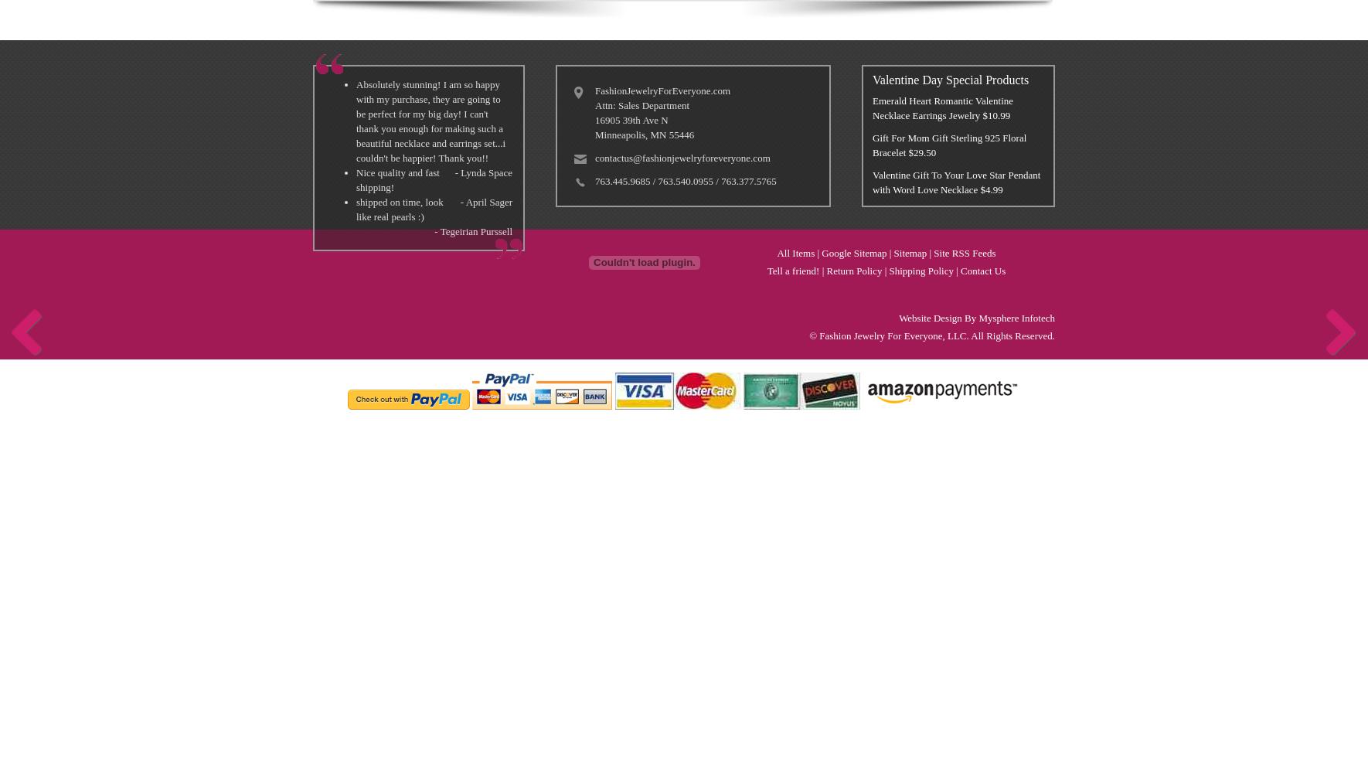  I want to click on 'Minneapolis, MN 55446', so click(645, 135).